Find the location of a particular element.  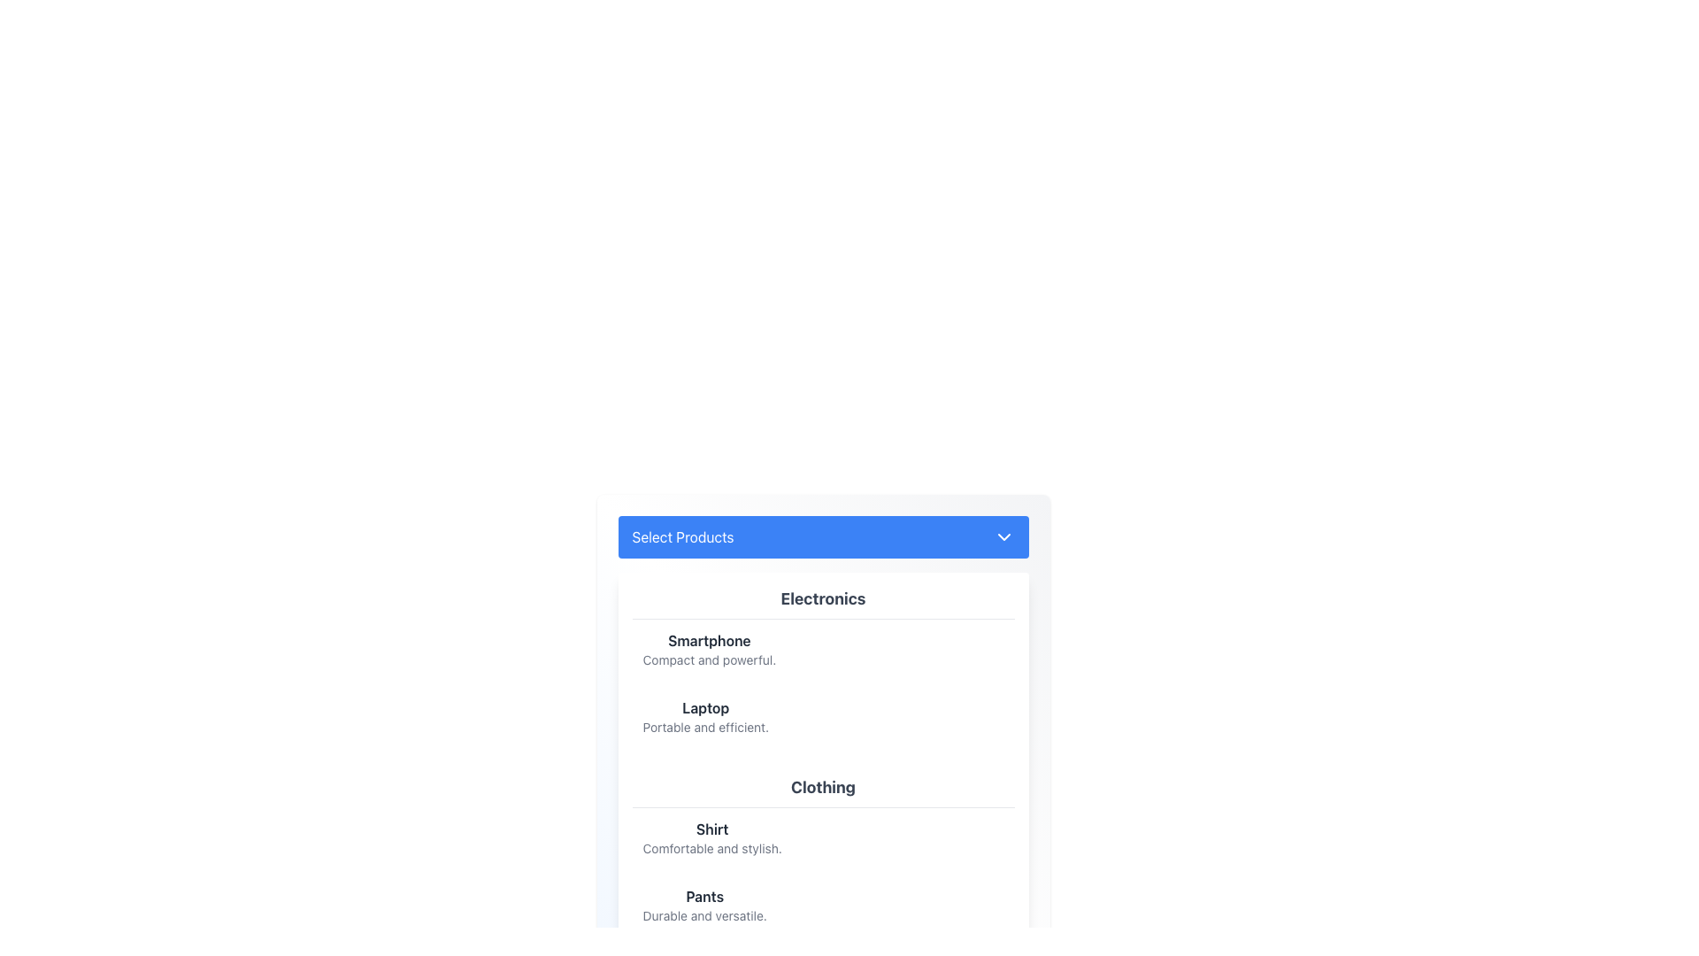

the text display element labeled 'Laptop' which is styled in bold dark gray, positioned as the second item under 'Electronics' category in the product list is located at coordinates (704, 717).